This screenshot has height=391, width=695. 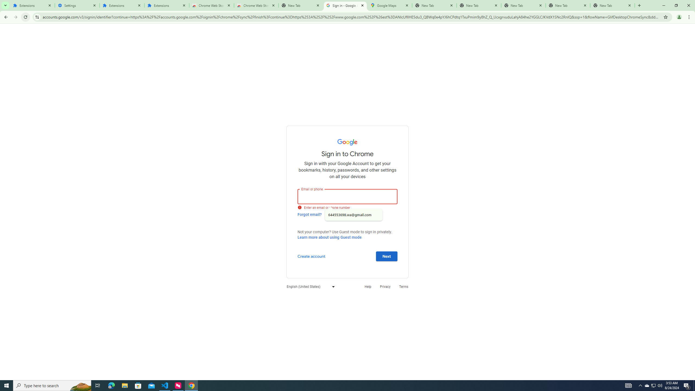 I want to click on 'View site information', so click(x=37, y=17).